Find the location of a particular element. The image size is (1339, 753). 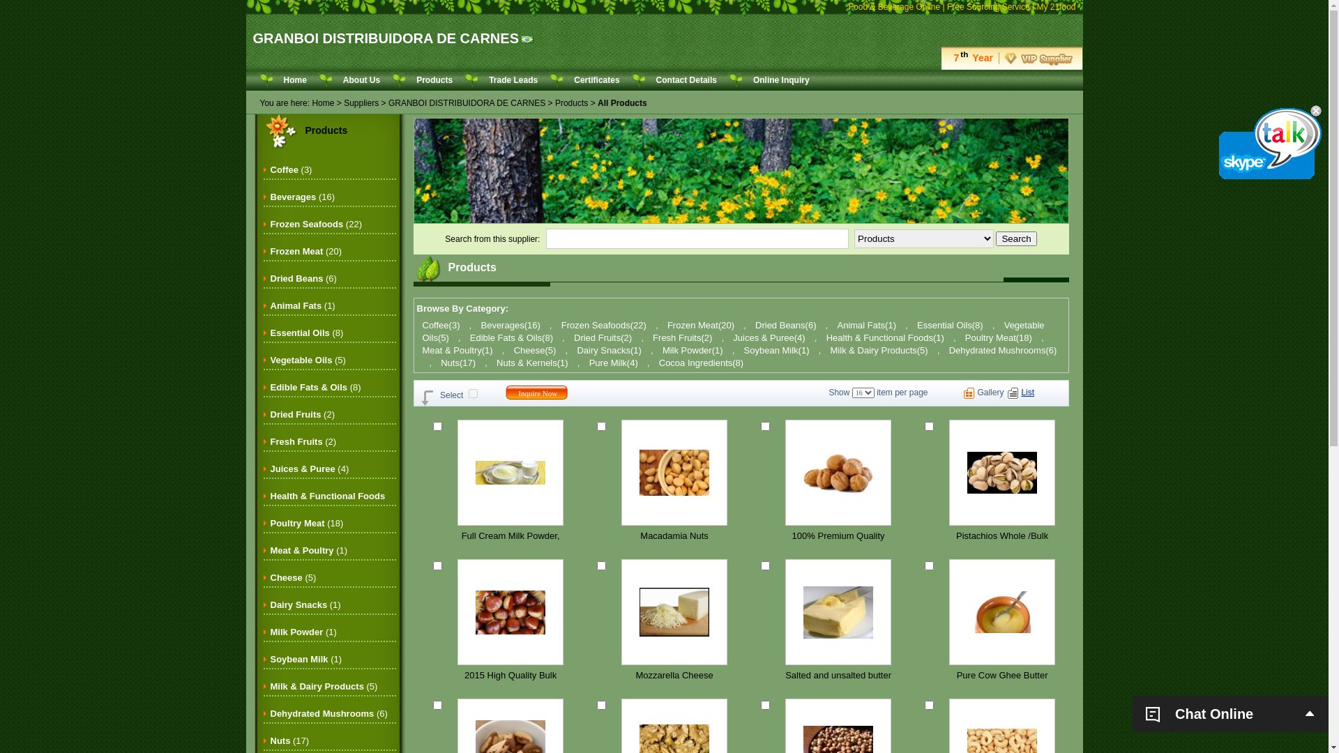

'Milk Powder (1)' is located at coordinates (303, 632).